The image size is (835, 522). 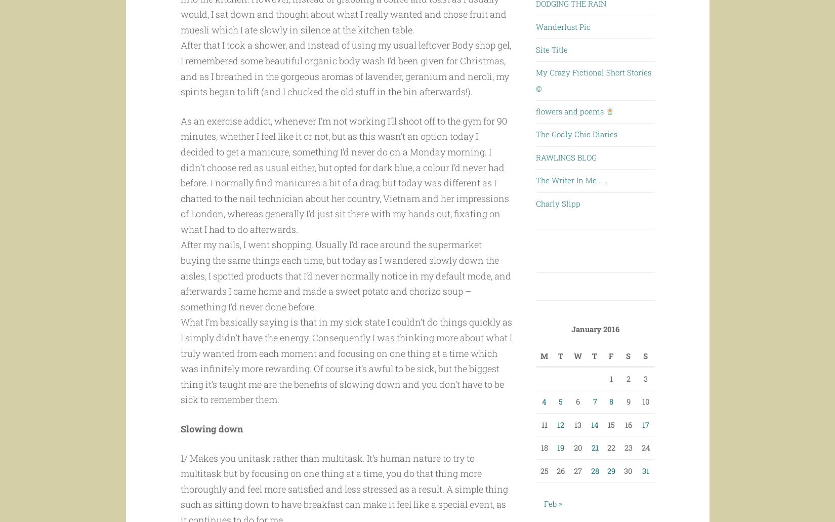 I want to click on 'Wanderlust Pic', so click(x=535, y=26).